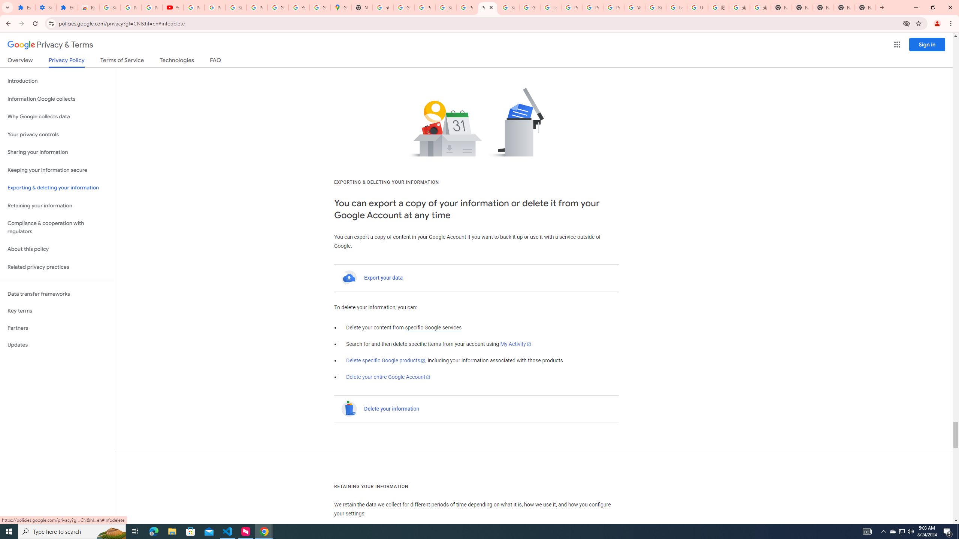 Image resolution: width=959 pixels, height=539 pixels. I want to click on 'Delete specific Google products', so click(386, 361).